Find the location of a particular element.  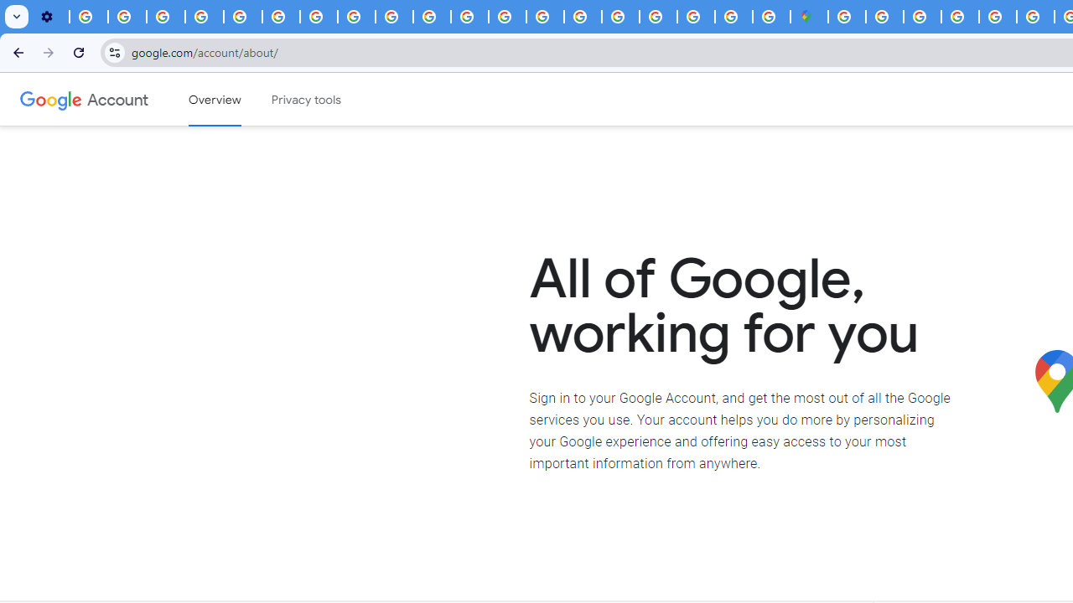

'Google Account overview' is located at coordinates (214, 100).